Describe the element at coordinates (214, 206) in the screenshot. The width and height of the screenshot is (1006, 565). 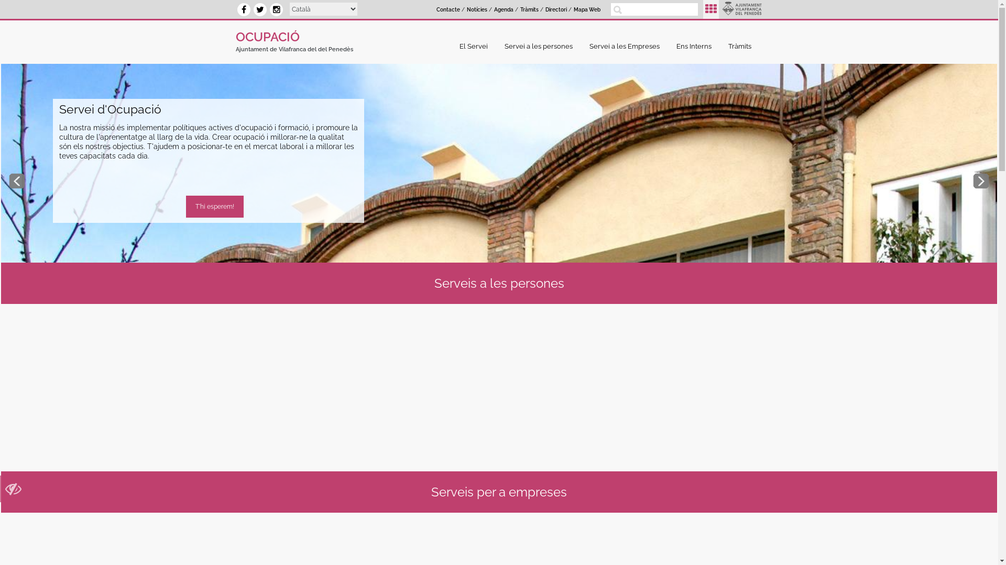
I see `'T'hi esperem!'` at that location.